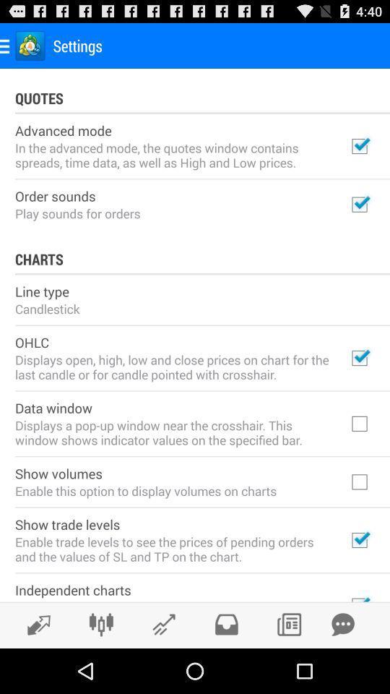  I want to click on open messages/notifications, so click(342, 624).